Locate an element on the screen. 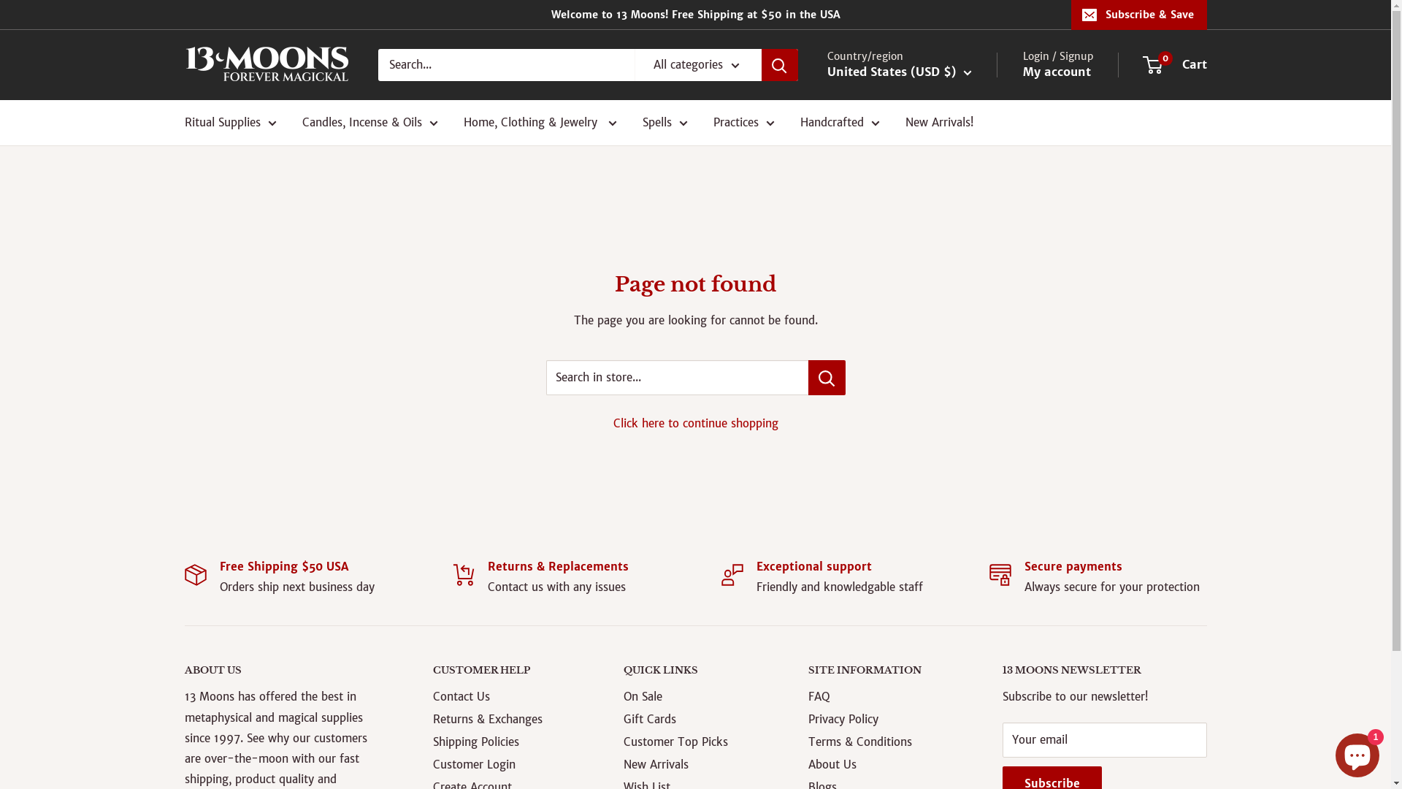 Image resolution: width=1402 pixels, height=789 pixels. '0 is located at coordinates (1174, 64).